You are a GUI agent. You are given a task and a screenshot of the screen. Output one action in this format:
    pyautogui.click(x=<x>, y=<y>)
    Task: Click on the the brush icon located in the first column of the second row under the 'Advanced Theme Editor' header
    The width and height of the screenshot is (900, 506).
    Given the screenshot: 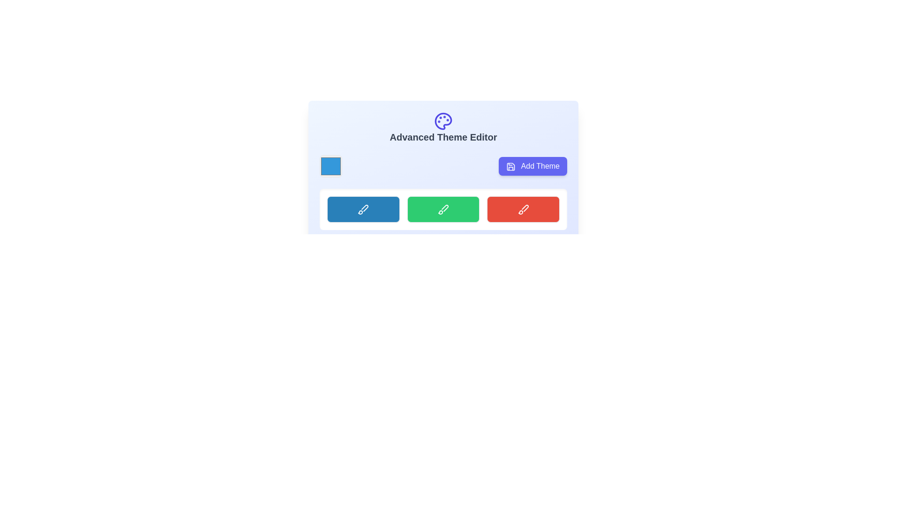 What is the action you would take?
    pyautogui.click(x=363, y=209)
    